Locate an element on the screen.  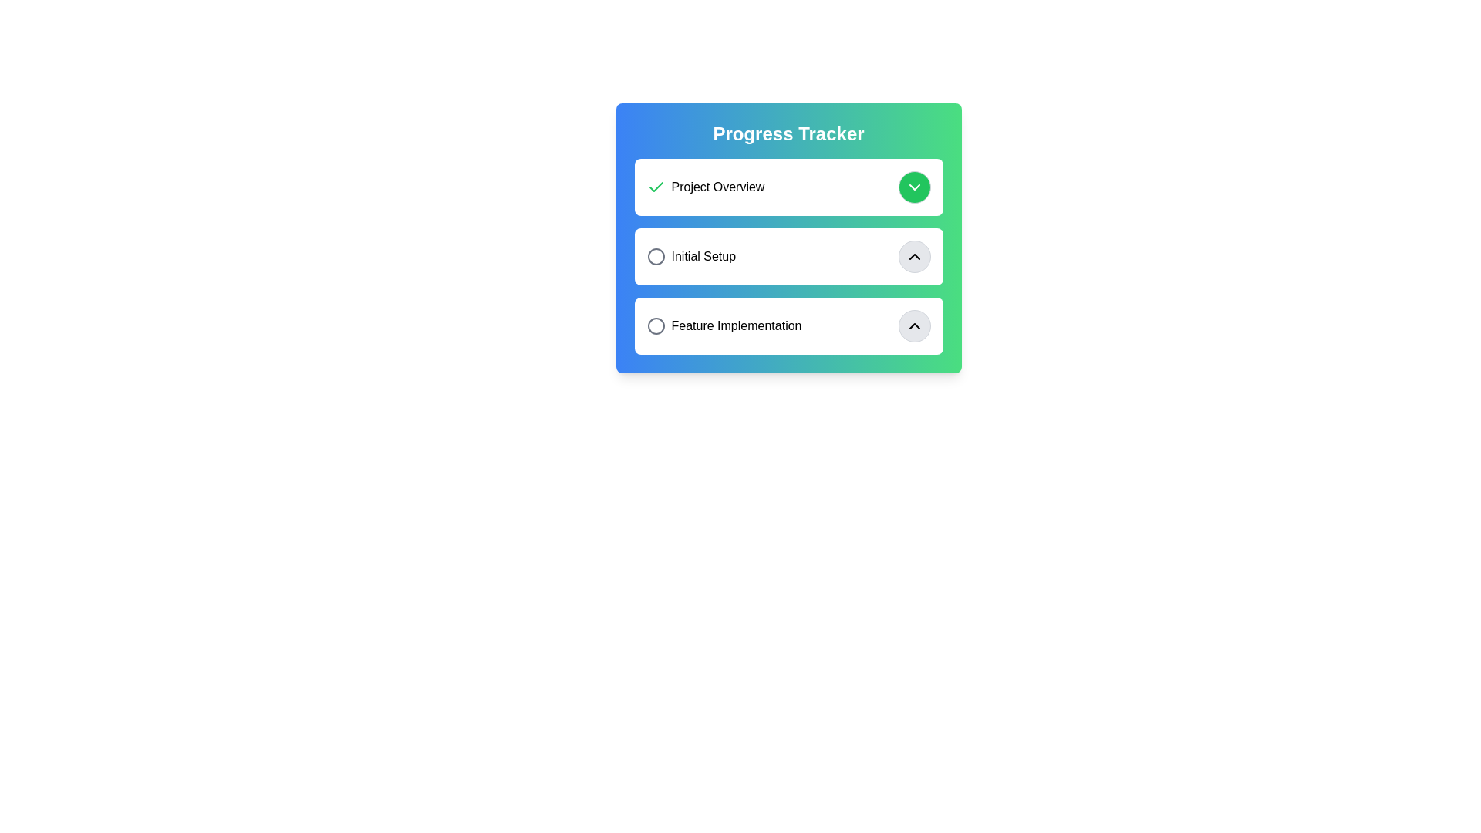
the SVG graphic (circle outline) that represents the second step in the 'Progress Tracker' labeled 'Initial Setup' is located at coordinates (656, 255).